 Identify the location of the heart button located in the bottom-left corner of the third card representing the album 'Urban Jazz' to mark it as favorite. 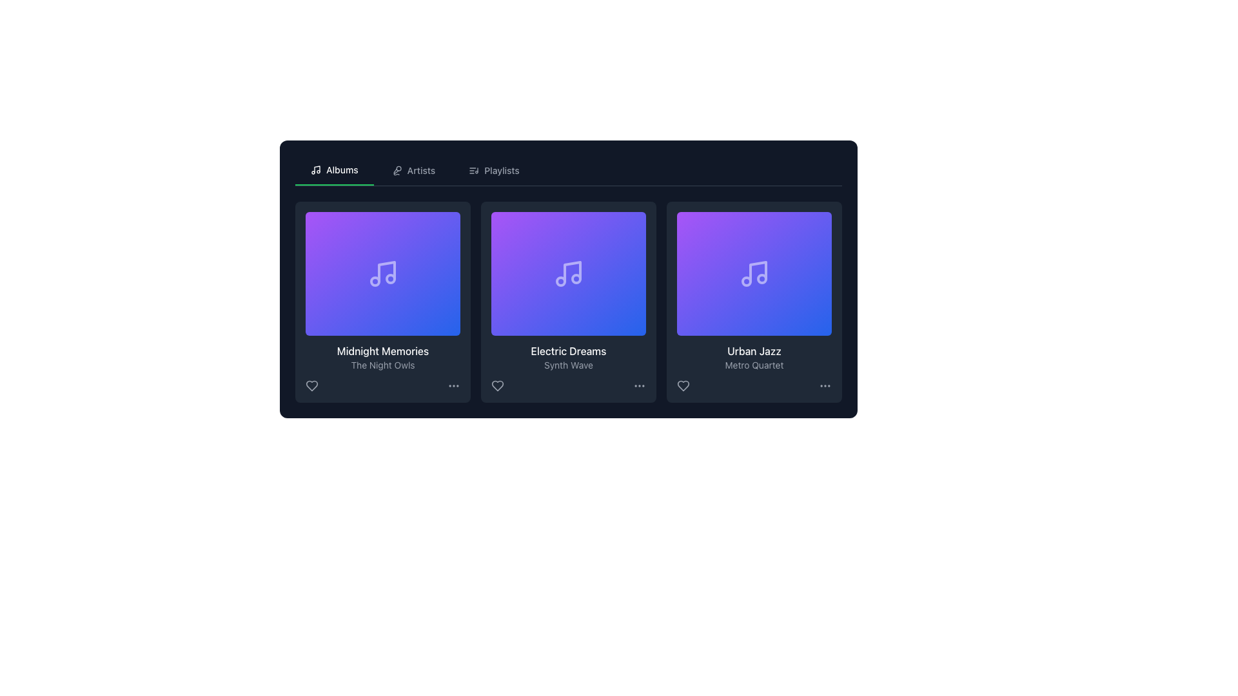
(683, 385).